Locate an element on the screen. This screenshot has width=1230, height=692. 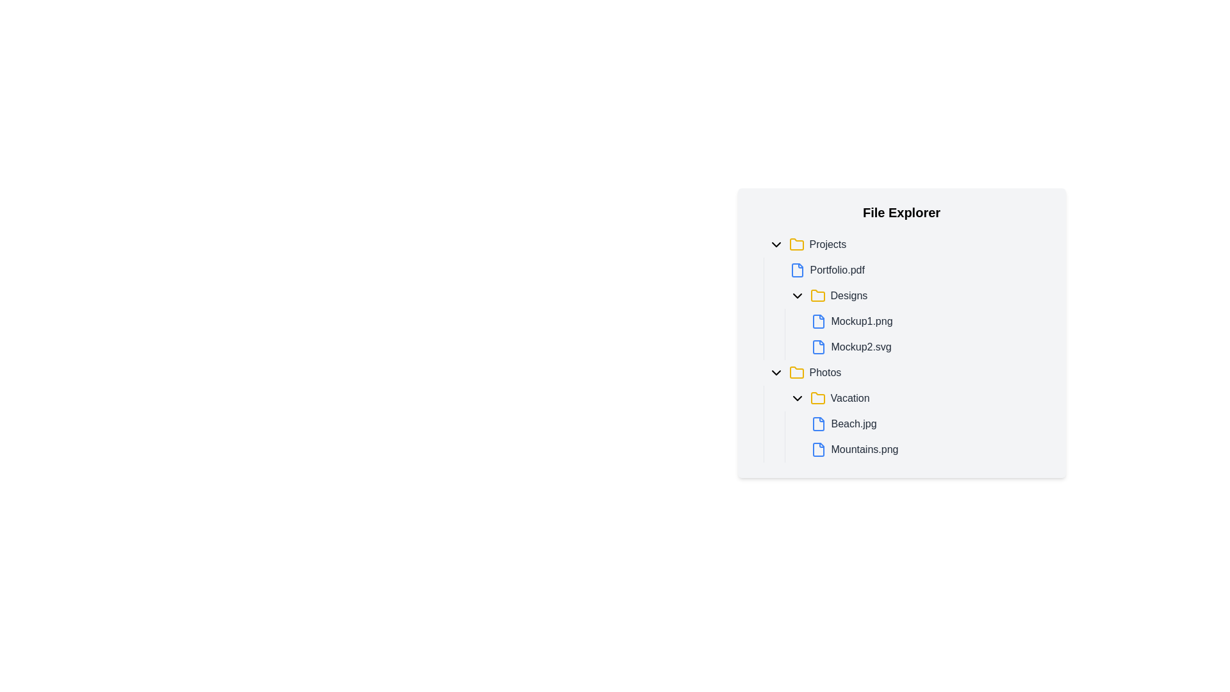
the list item displaying file entries under the 'Vacation' folder in the file explorer interface is located at coordinates (916, 424).